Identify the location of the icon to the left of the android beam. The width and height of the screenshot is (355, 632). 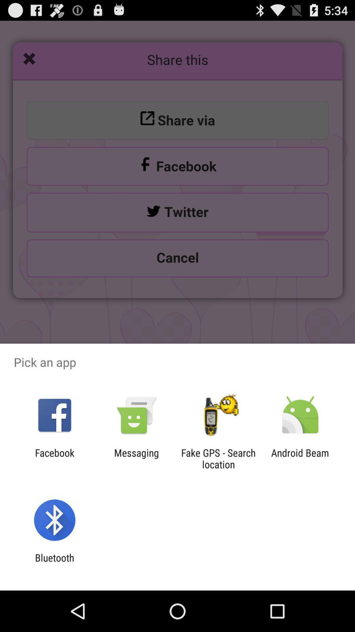
(218, 458).